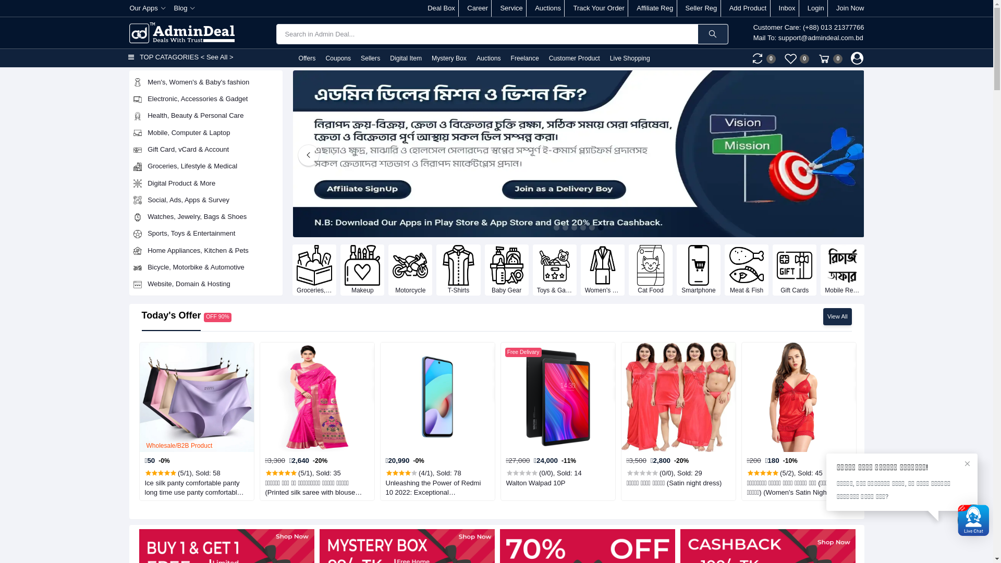 The image size is (1001, 563). Describe the element at coordinates (206, 81) in the screenshot. I see `'Men's, Women's & Baby's fashion'` at that location.